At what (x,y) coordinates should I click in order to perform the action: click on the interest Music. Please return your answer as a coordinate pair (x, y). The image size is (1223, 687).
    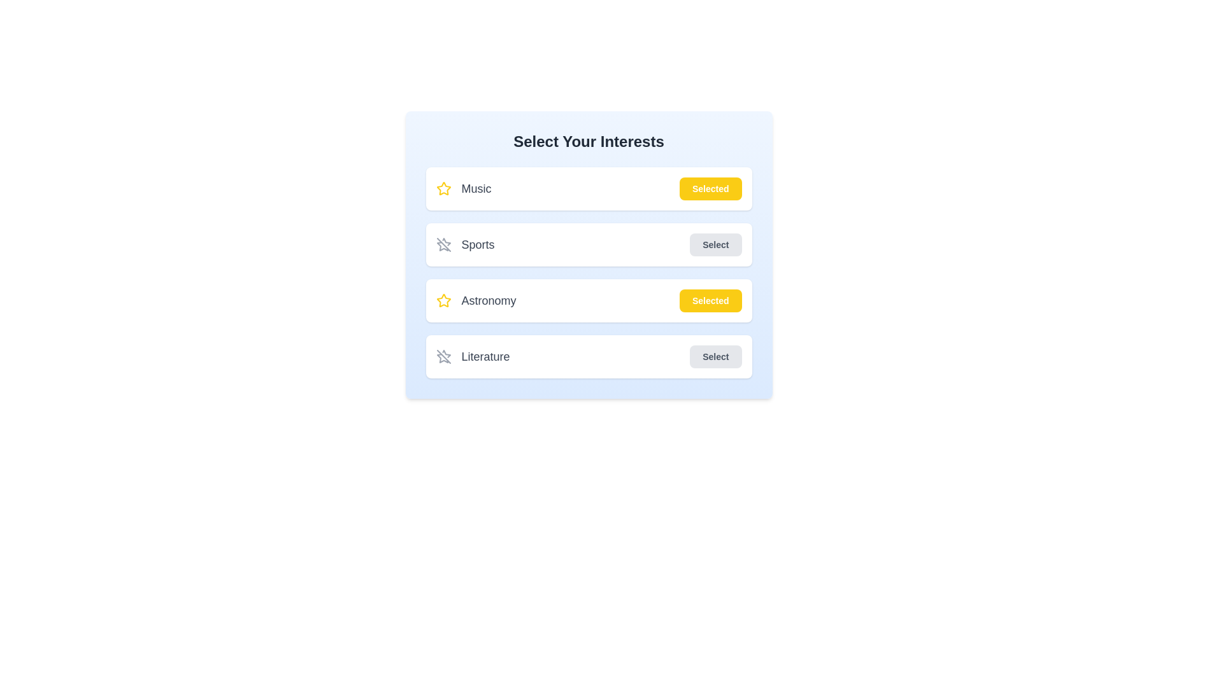
    Looking at the image, I should click on (710, 189).